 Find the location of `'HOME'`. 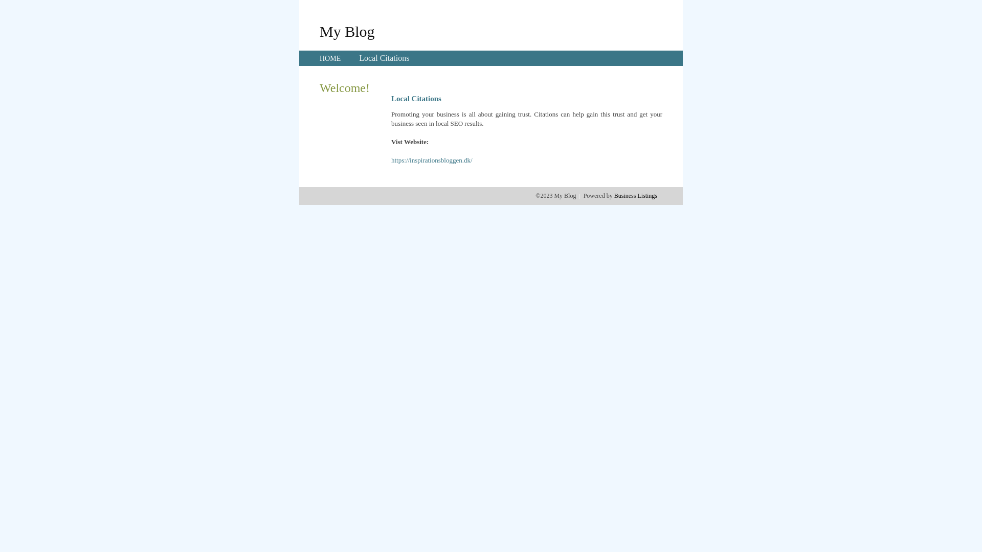

'HOME' is located at coordinates (319, 58).